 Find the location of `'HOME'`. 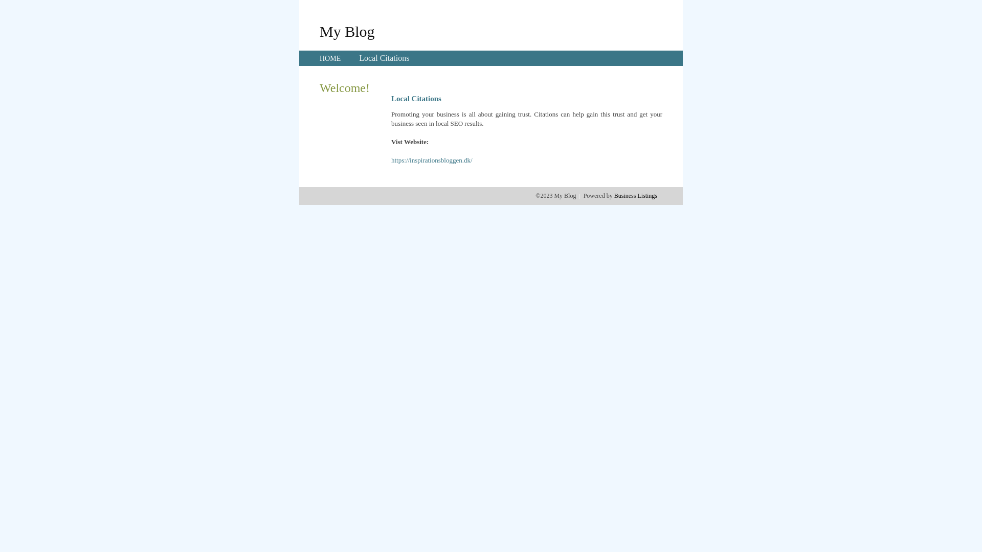

'HOME' is located at coordinates (319, 58).